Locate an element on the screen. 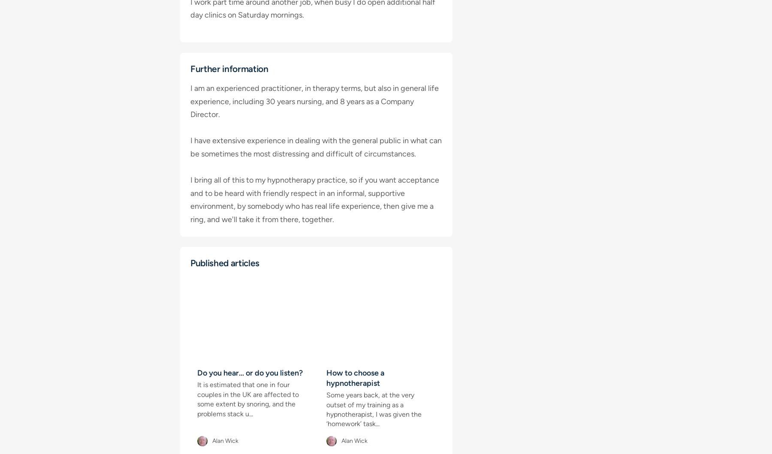  'Some years back, at the very outset of my training as a hypnotherapist, I was given the ‘homework’ task...' is located at coordinates (374, 409).